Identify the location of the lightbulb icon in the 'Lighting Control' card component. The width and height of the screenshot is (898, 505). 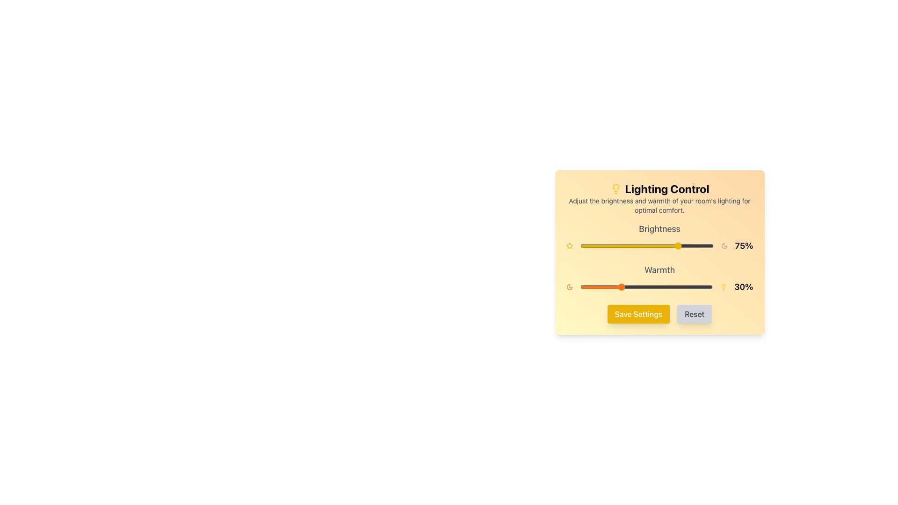
(659, 252).